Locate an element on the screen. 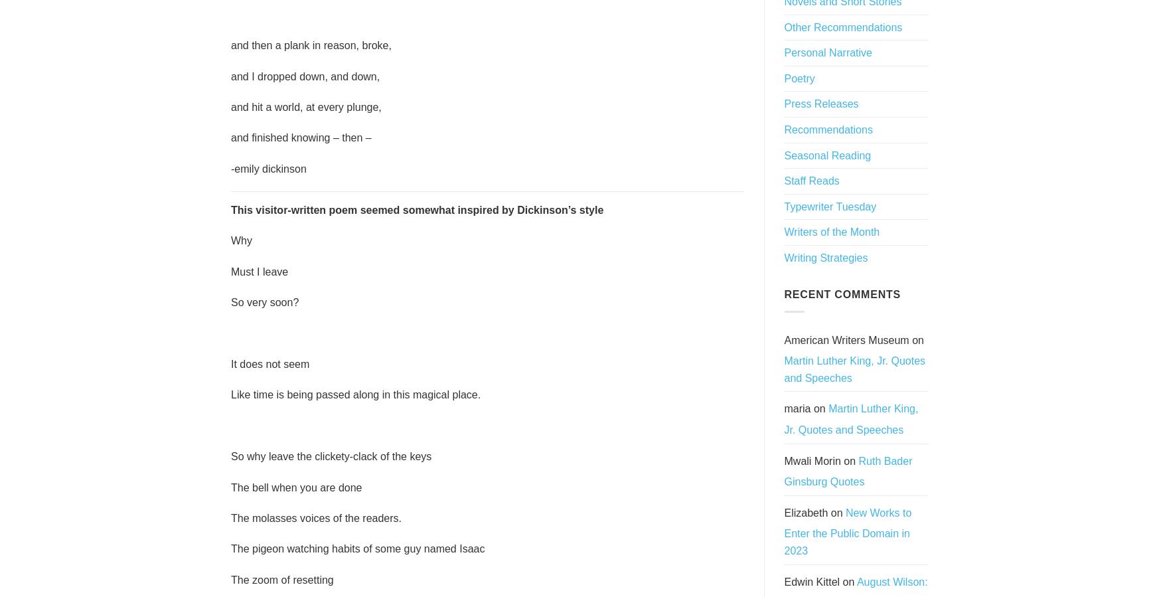 The image size is (1159, 597). 'and finished knowing – then –' is located at coordinates (301, 137).